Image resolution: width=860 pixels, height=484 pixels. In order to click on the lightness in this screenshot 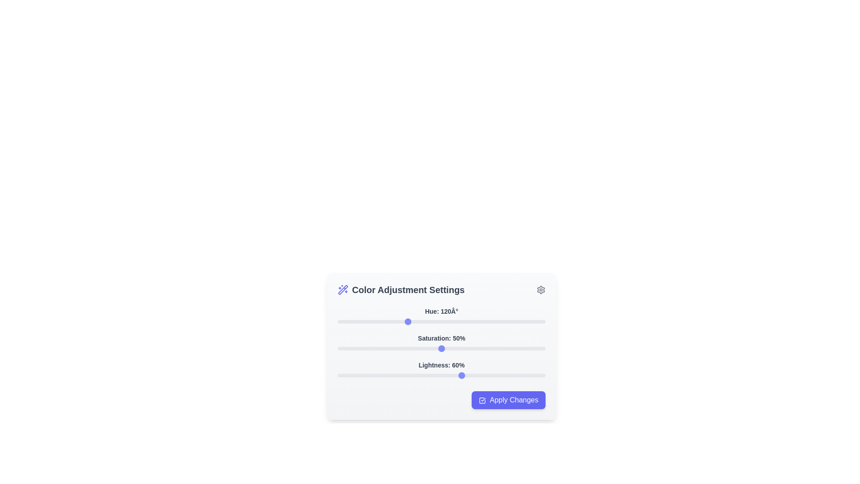, I will do `click(454, 375)`.